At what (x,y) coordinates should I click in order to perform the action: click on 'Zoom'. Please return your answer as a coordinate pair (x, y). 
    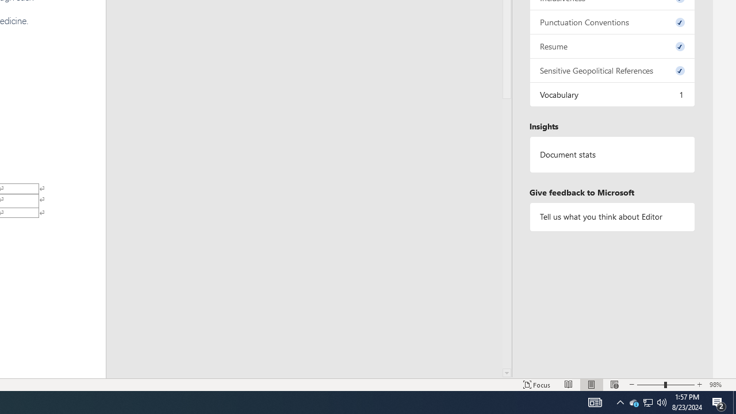
    Looking at the image, I should click on (666, 385).